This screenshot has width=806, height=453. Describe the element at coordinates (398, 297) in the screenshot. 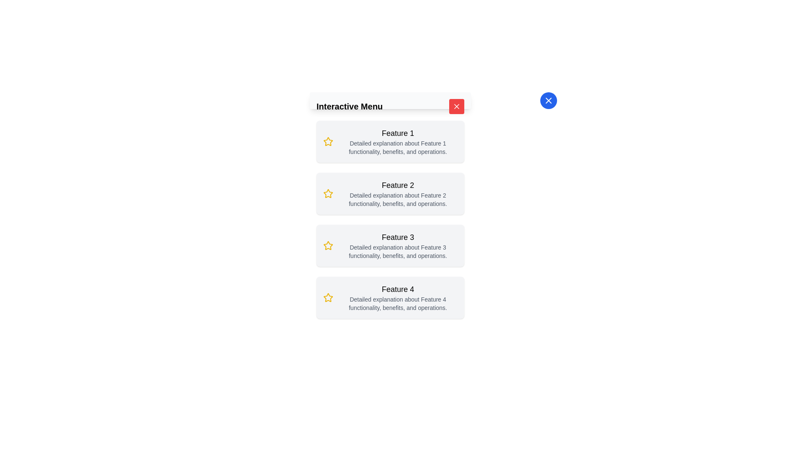

I see `the informative text block that provides details about a feature, located below 'Feature 3' in the fourth position of the list` at that location.